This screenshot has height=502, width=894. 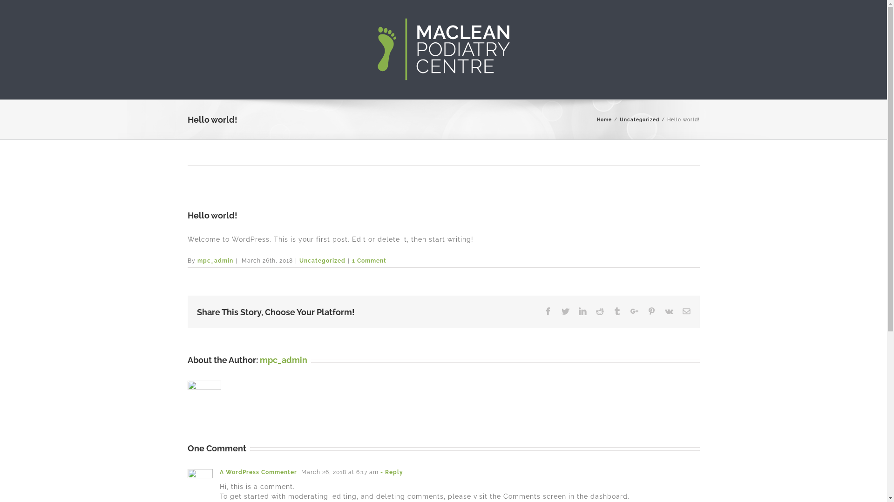 What do you see at coordinates (391, 472) in the screenshot?
I see `'- Reply'` at bounding box center [391, 472].